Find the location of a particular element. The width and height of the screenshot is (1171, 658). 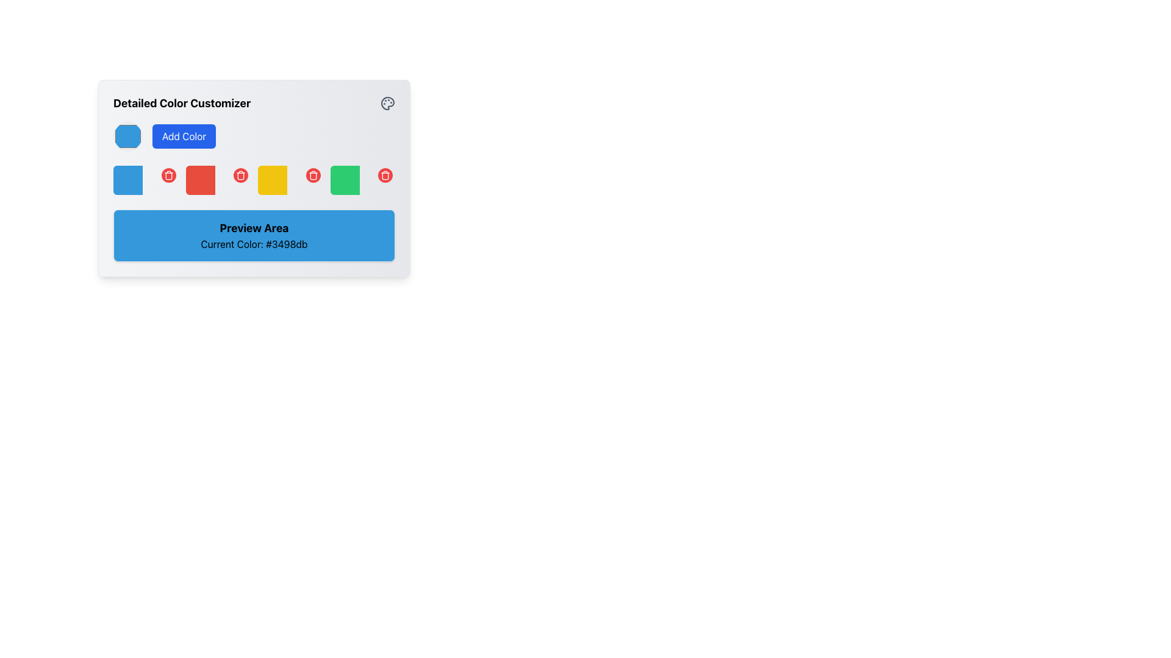

the Color Display Area with Button is located at coordinates (362, 180).